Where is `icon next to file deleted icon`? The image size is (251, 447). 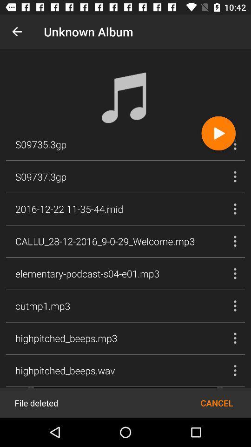
icon next to file deleted icon is located at coordinates (217, 402).